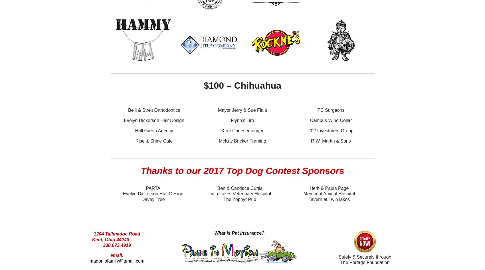  Describe the element at coordinates (365, 262) in the screenshot. I see `'The Portage Foundation'` at that location.